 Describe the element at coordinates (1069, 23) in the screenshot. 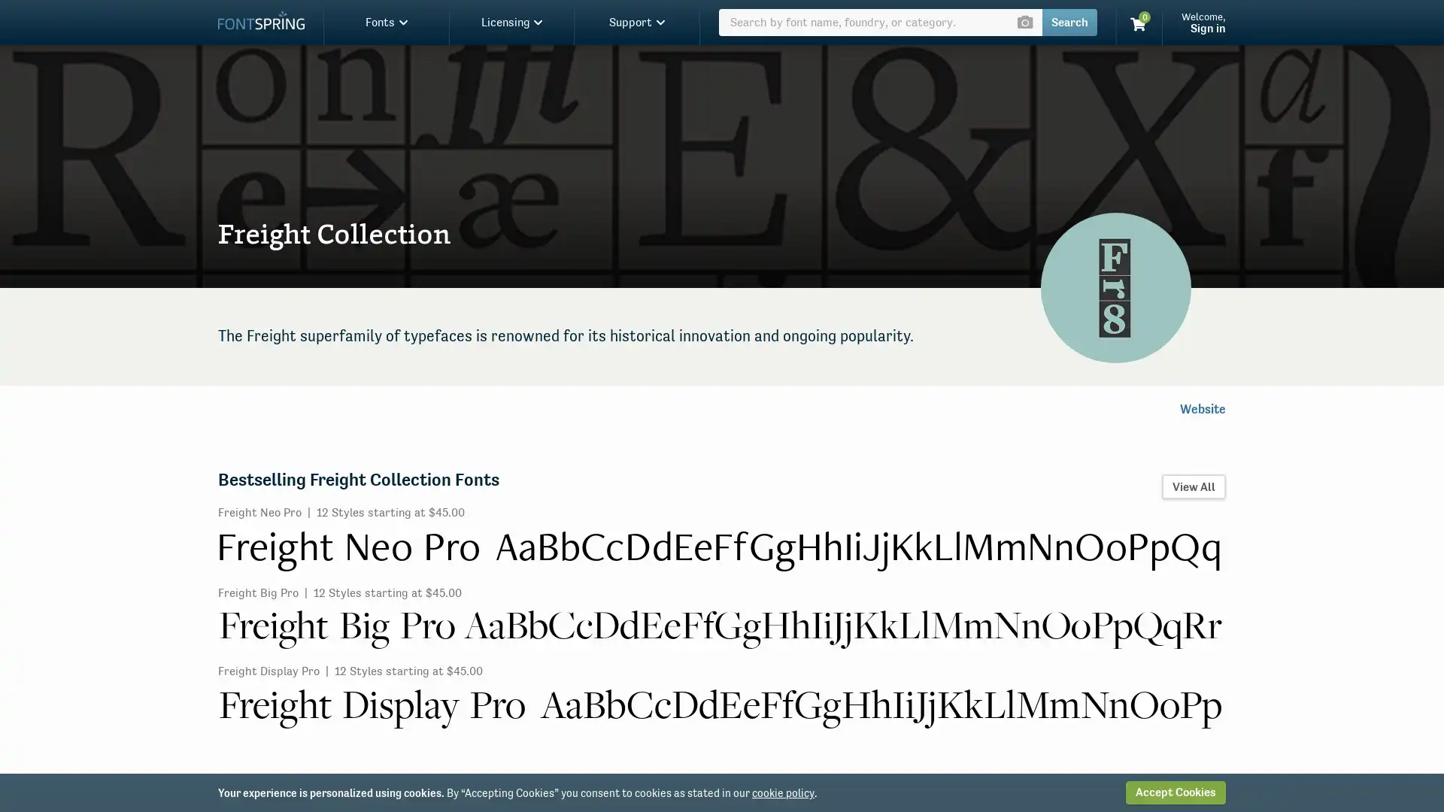

I see `Search` at that location.